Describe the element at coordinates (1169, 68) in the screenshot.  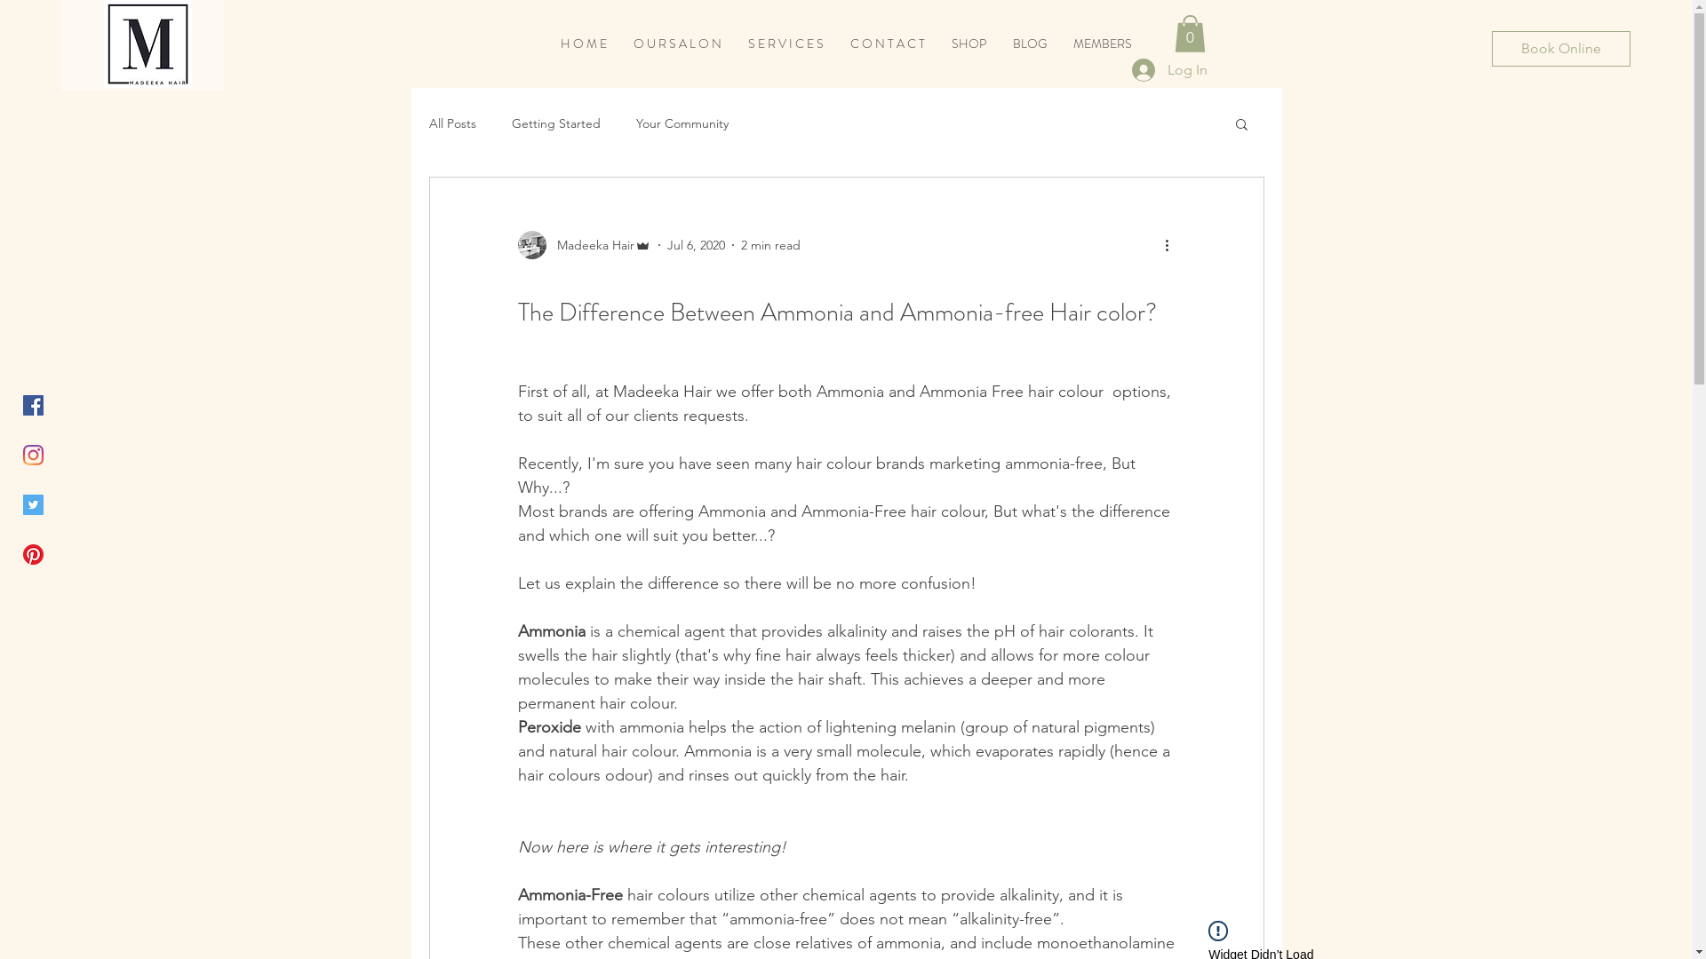
I see `'Log In'` at that location.